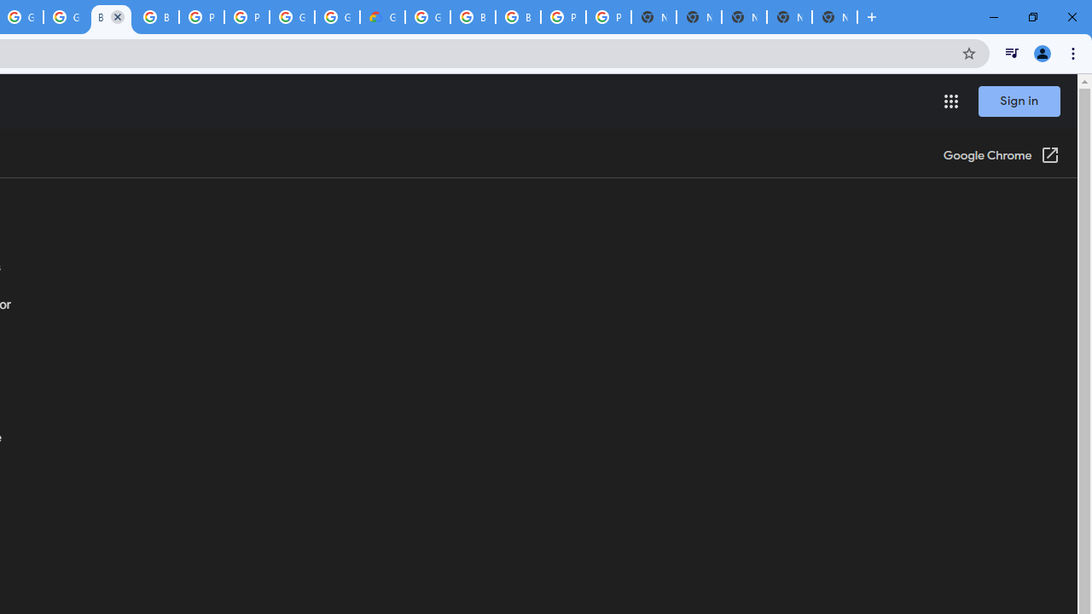 The height and width of the screenshot is (614, 1092). Describe the element at coordinates (110, 17) in the screenshot. I see `'Browse Chrome as a guest - Computer - Google Chrome Help'` at that location.